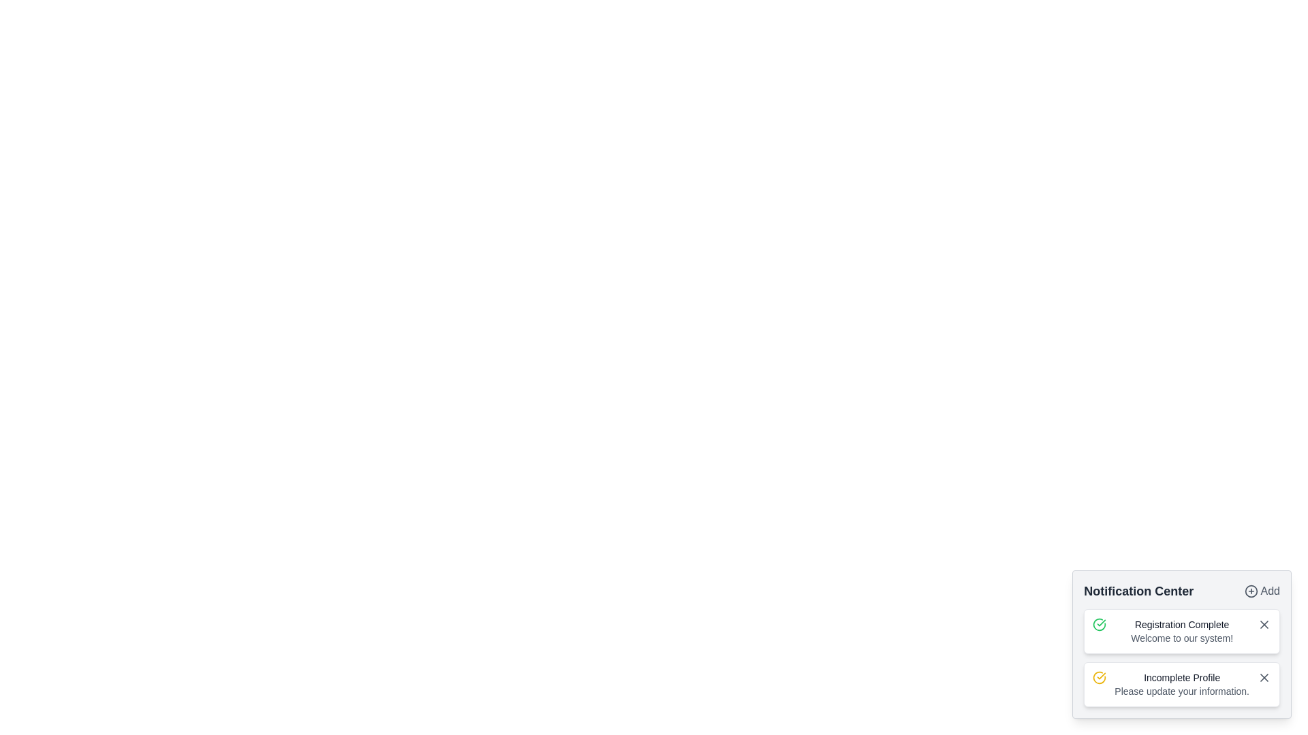 This screenshot has height=735, width=1308. What do you see at coordinates (1251, 590) in the screenshot?
I see `the circular icon with a plus symbol inside it, located to the left of the text 'Add'` at bounding box center [1251, 590].